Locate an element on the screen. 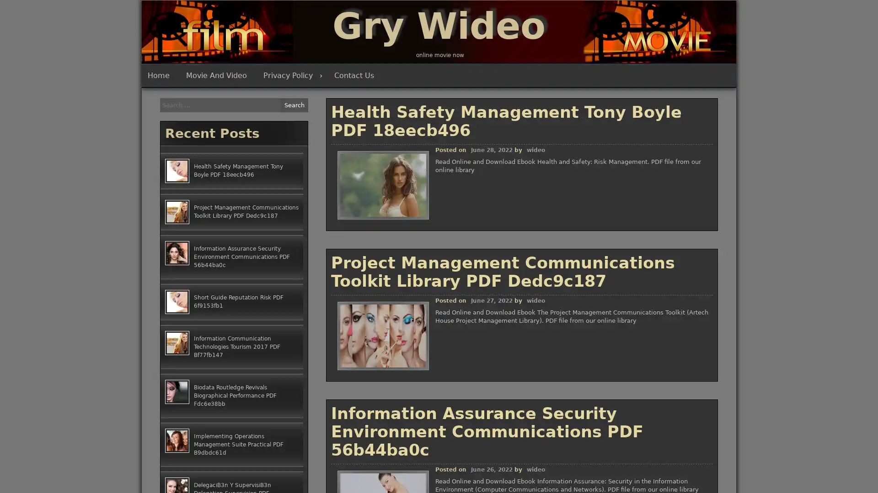  Search is located at coordinates (294, 105).